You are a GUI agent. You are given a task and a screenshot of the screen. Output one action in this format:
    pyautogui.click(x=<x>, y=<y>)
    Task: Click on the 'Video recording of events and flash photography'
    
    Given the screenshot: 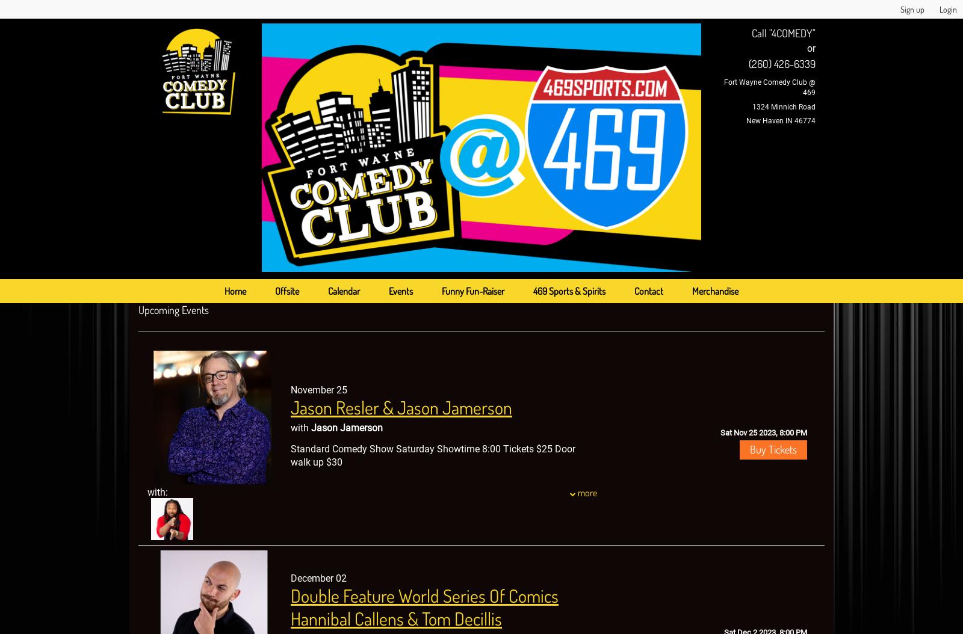 What is the action you would take?
    pyautogui.click(x=290, y=567)
    